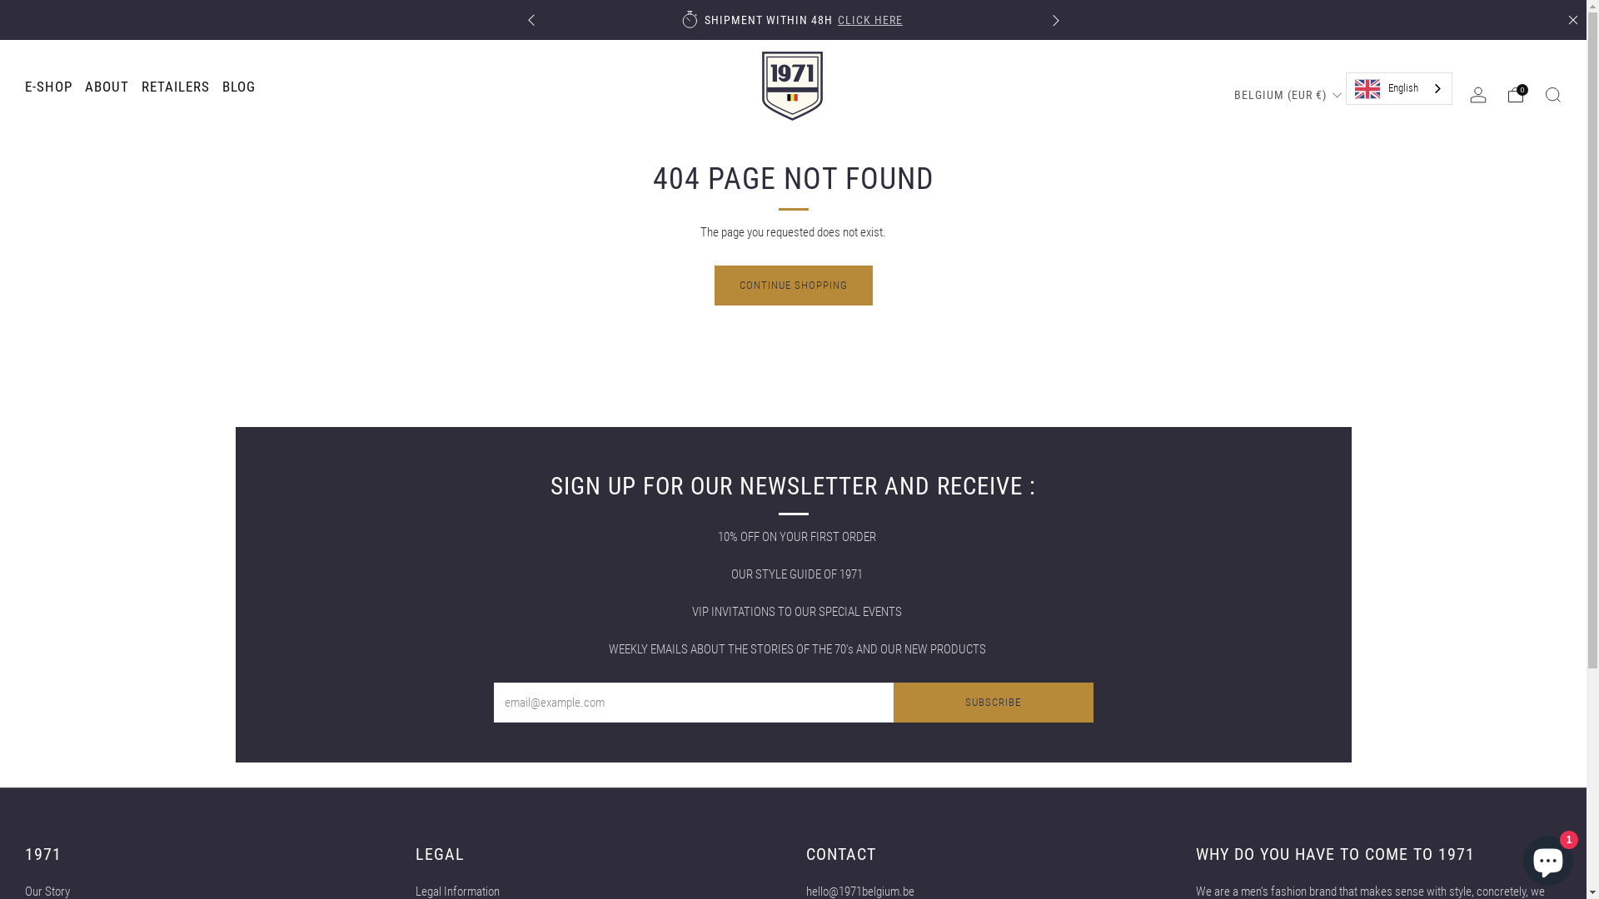  Describe the element at coordinates (1547, 857) in the screenshot. I see `'Shopify online store chat'` at that location.